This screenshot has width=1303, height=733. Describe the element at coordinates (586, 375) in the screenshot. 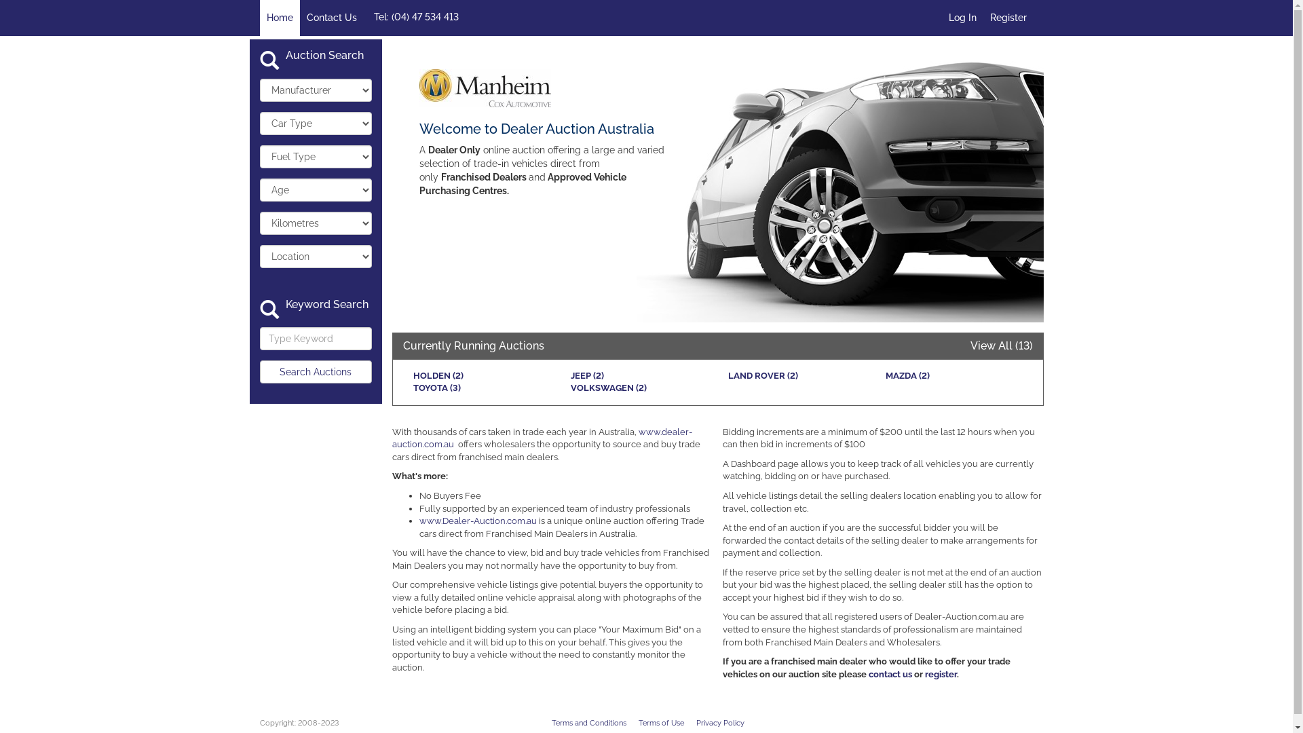

I see `'JEEP (2)'` at that location.